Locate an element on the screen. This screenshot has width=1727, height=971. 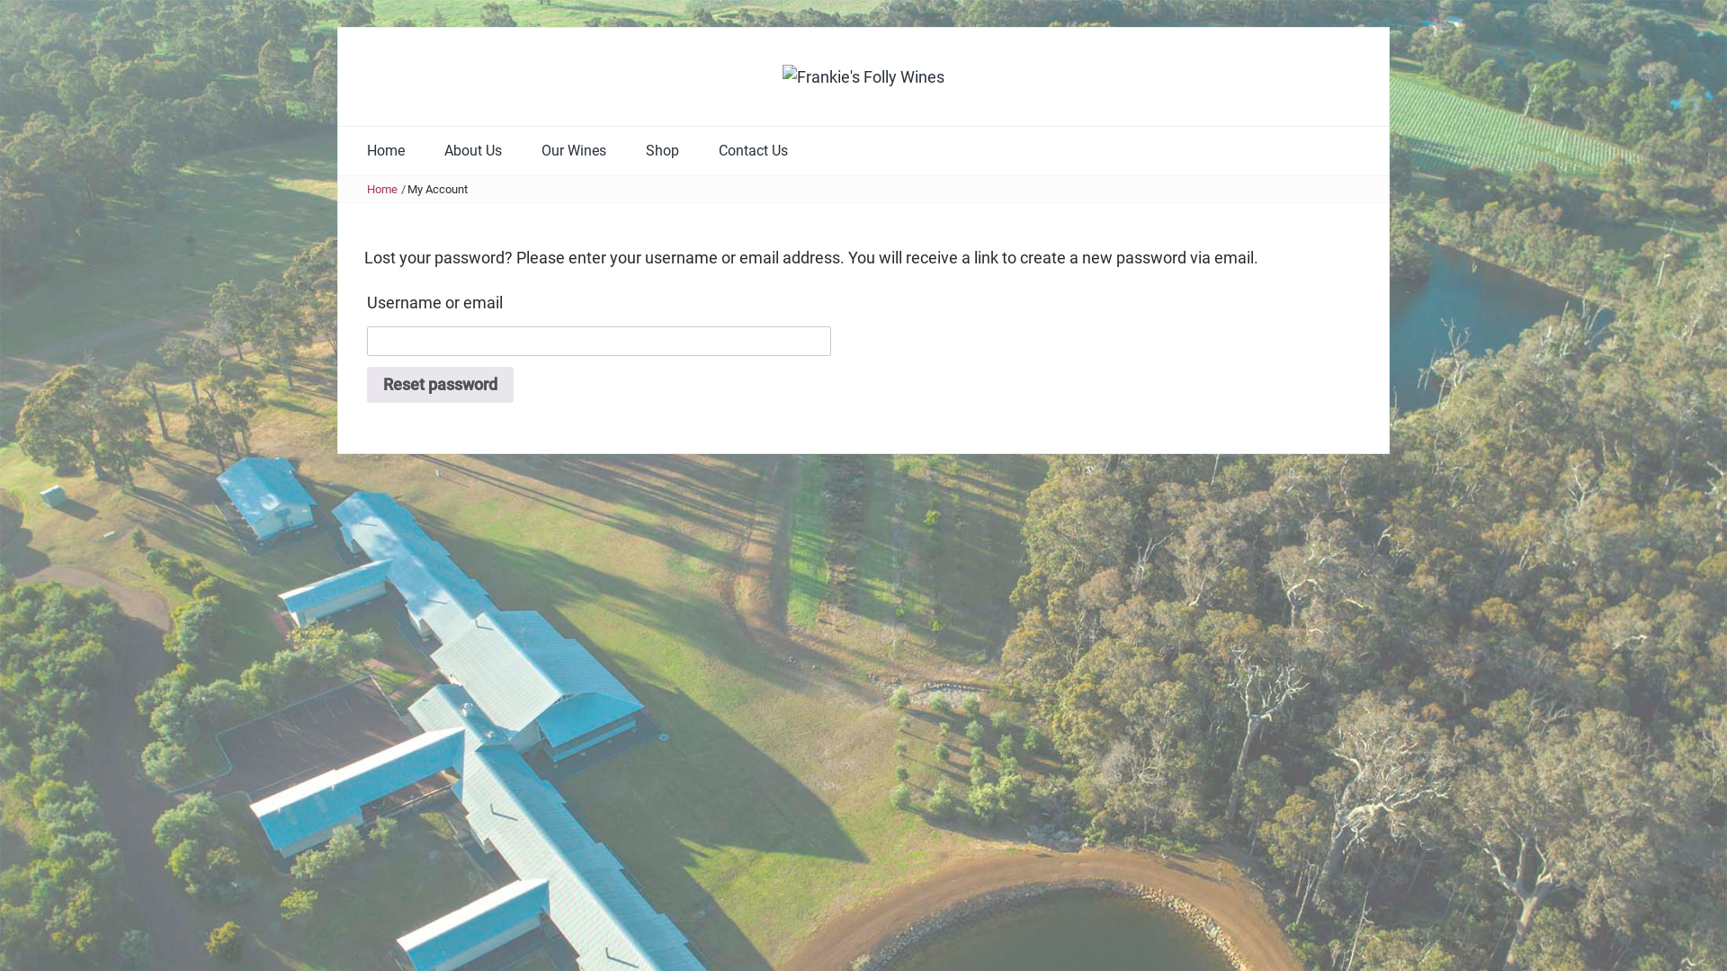
'Home' is located at coordinates (381, 189).